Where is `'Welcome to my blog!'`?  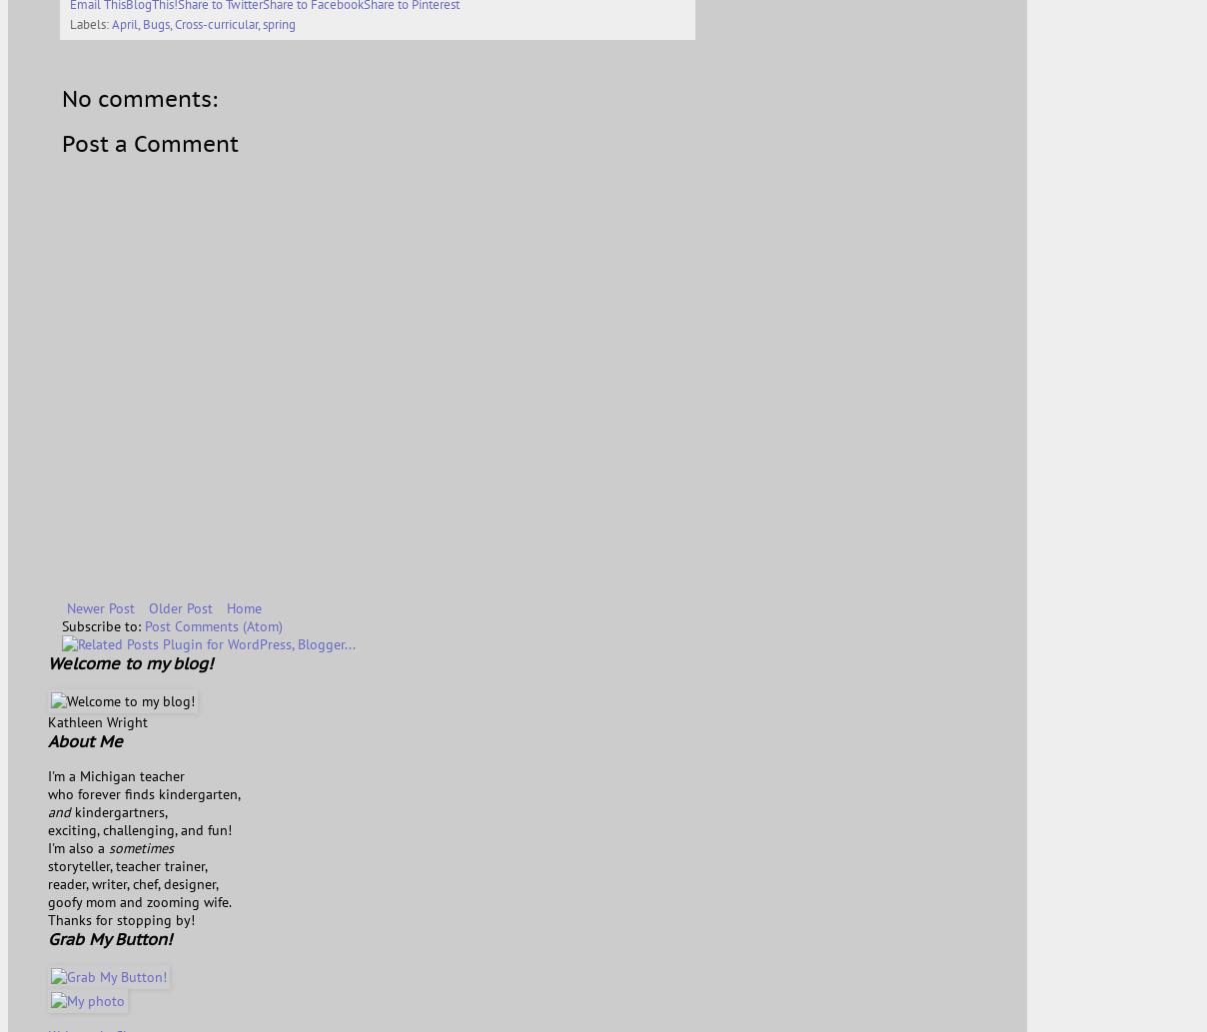
'Welcome to my blog!' is located at coordinates (46, 660).